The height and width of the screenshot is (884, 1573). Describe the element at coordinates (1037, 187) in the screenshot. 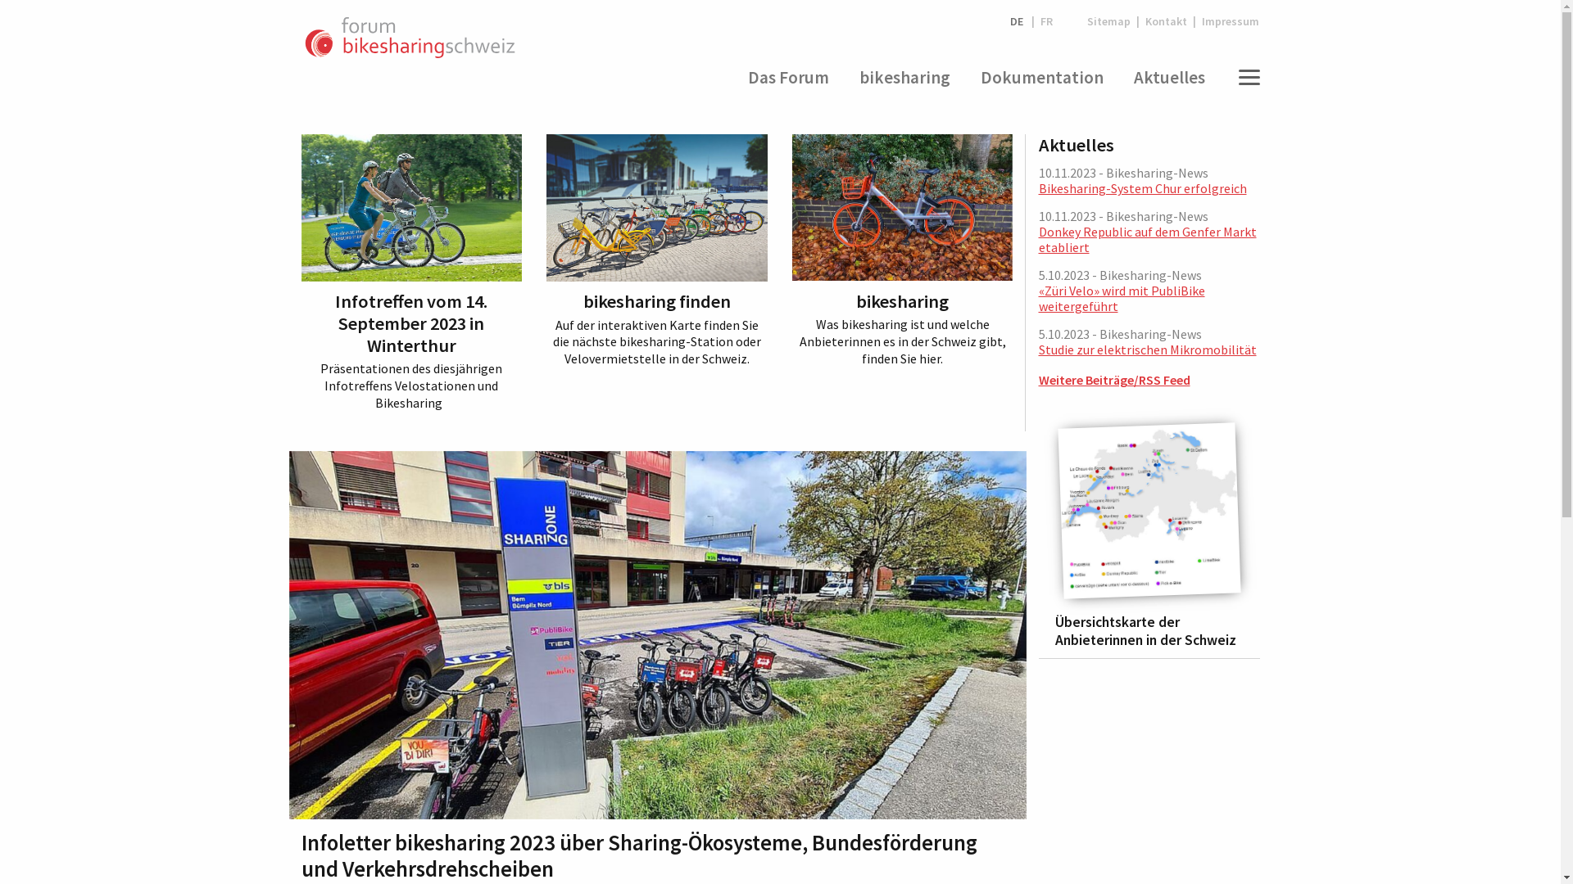

I see `'Bikesharing-System Chur erfolgreich'` at that location.